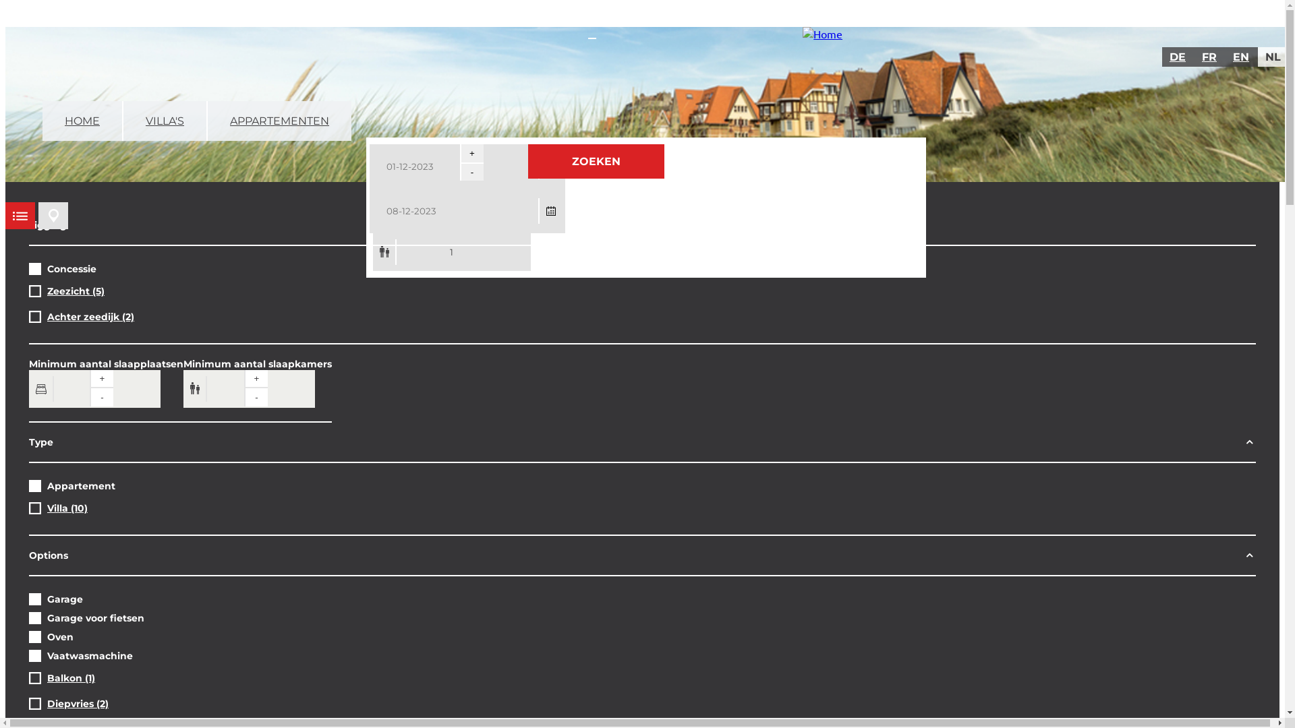 The width and height of the screenshot is (1295, 728). Describe the element at coordinates (1241, 56) in the screenshot. I see `'EN'` at that location.